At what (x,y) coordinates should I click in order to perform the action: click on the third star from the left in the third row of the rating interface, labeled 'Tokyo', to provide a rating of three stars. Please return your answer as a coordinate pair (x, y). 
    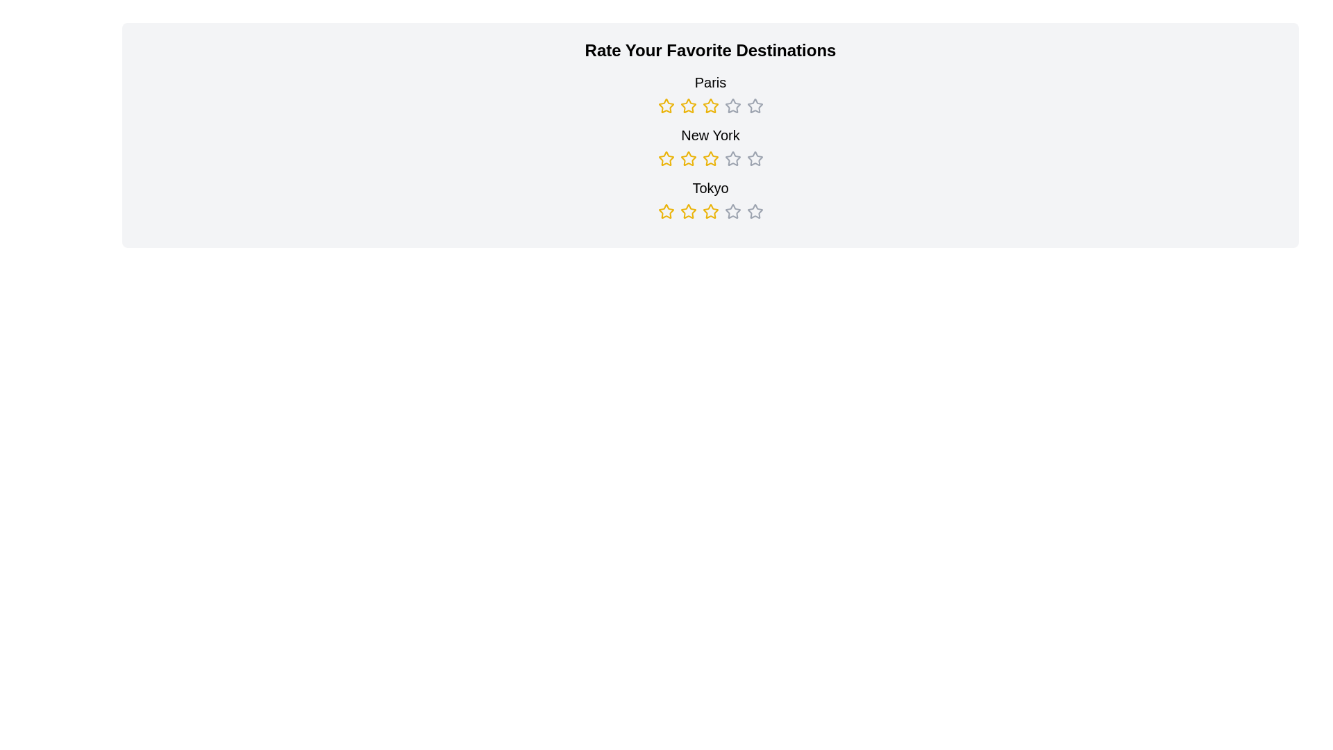
    Looking at the image, I should click on (688, 211).